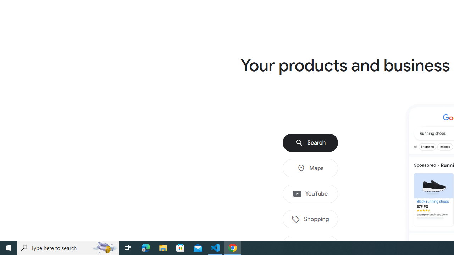 The image size is (454, 255). I want to click on 'Maps', so click(310, 168).